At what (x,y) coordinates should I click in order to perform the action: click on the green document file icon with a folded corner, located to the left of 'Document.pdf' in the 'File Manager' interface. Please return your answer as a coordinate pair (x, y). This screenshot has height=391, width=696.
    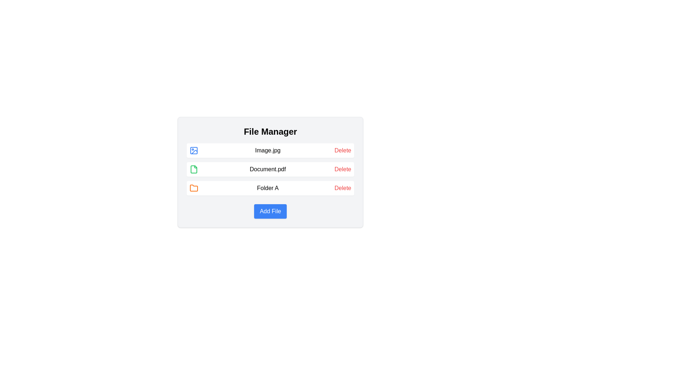
    Looking at the image, I should click on (194, 169).